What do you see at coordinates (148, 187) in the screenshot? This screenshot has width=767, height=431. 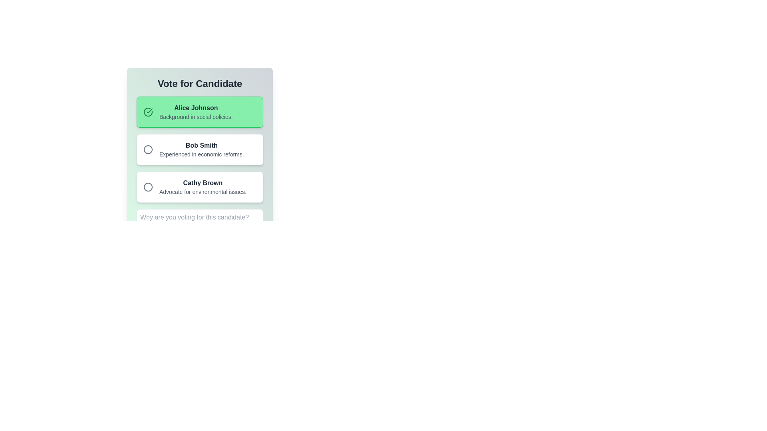 I see `the small circular icon with a gray border located to the left of the text 'Cathy Brown' in the candidate selection card` at bounding box center [148, 187].